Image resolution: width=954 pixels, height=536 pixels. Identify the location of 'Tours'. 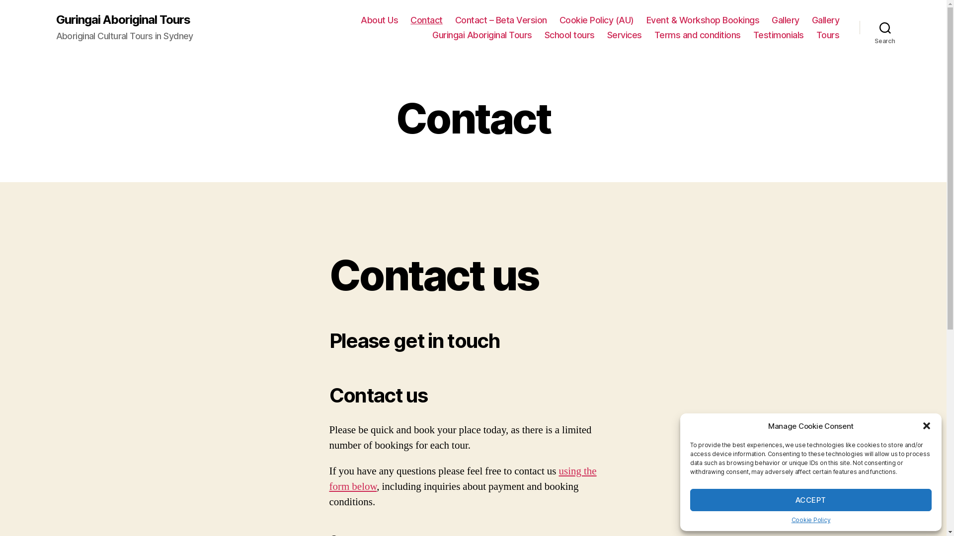
(816, 34).